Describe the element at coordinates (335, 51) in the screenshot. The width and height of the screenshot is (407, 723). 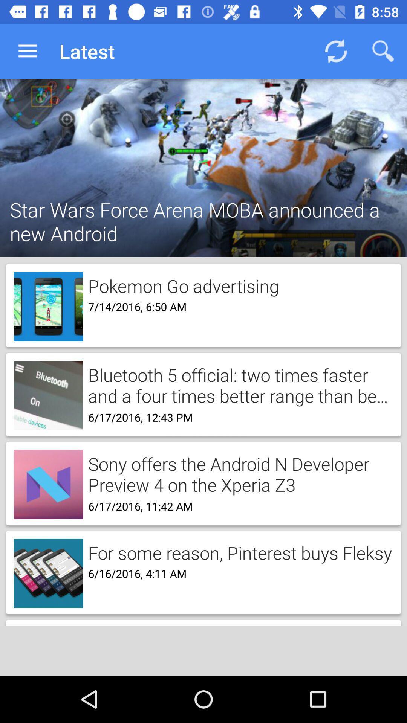
I see `the icon next to the latest icon` at that location.